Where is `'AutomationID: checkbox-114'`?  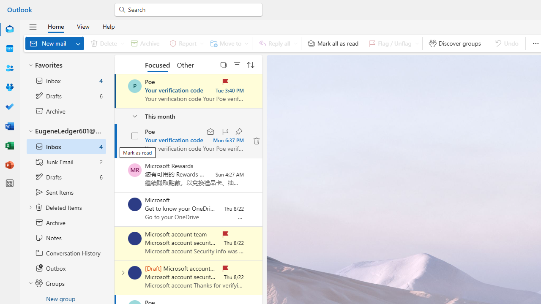 'AutomationID: checkbox-114' is located at coordinates (135, 136).